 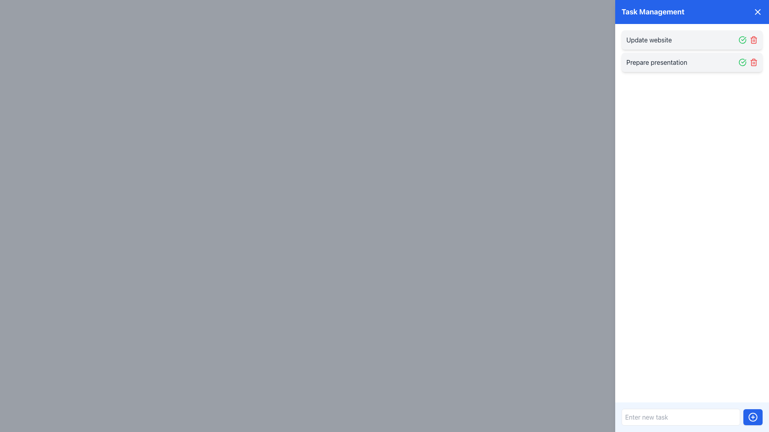 What do you see at coordinates (753, 416) in the screenshot?
I see `the blue circular button with a plus sign located at the bottom right corner of the task management tool` at bounding box center [753, 416].